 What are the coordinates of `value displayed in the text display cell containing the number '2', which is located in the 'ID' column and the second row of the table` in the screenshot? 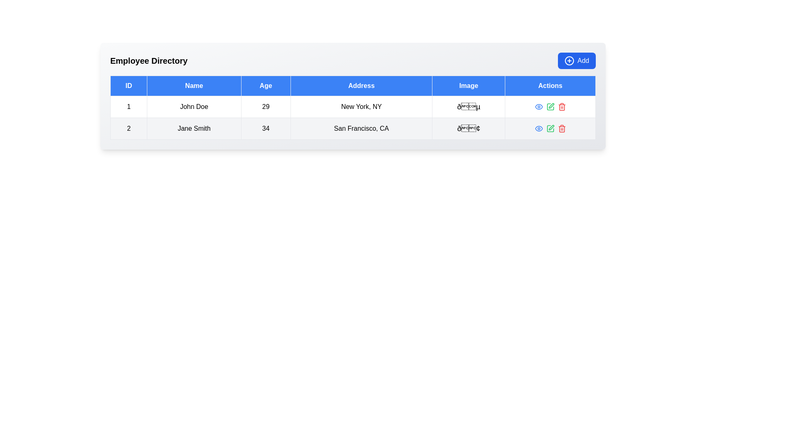 It's located at (128, 128).